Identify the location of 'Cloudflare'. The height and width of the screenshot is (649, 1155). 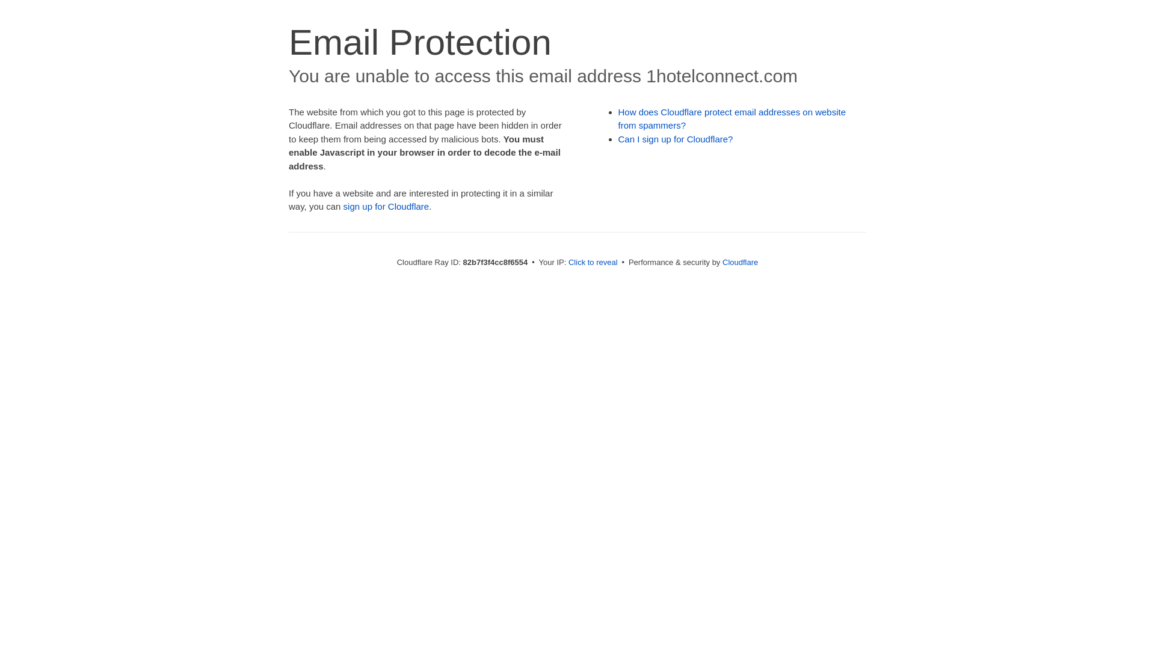
(739, 261).